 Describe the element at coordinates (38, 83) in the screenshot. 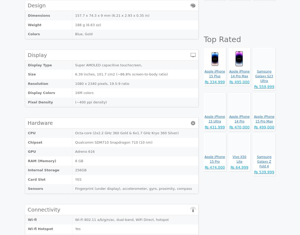

I see `'Resolution'` at that location.